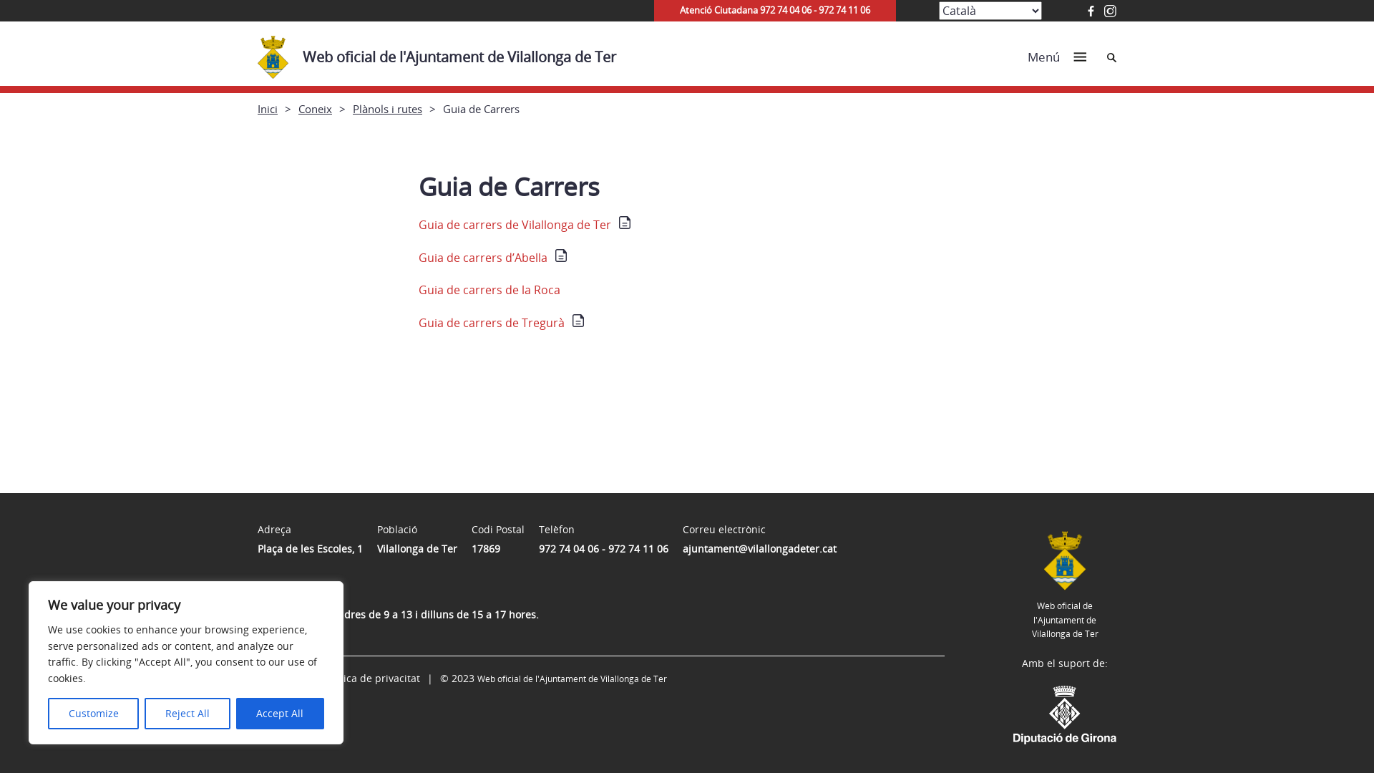 The width and height of the screenshot is (1374, 773). What do you see at coordinates (524, 224) in the screenshot?
I see `'Guia de carrers de Vilallonga de Ter'` at bounding box center [524, 224].